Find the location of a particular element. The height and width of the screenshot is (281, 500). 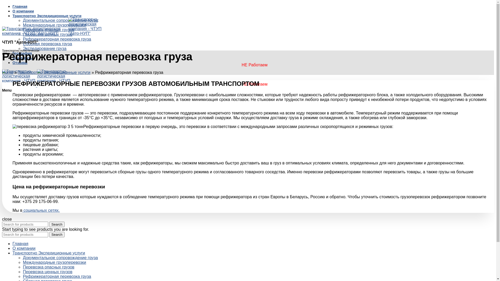

'Home' is located at coordinates (8, 72).